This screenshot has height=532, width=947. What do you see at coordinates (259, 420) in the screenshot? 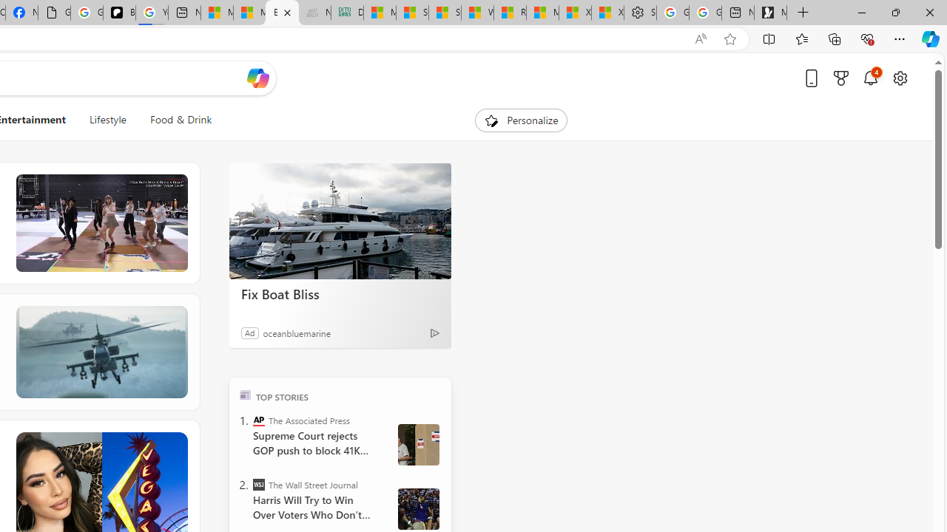
I see `'The Associated Press'` at bounding box center [259, 420].